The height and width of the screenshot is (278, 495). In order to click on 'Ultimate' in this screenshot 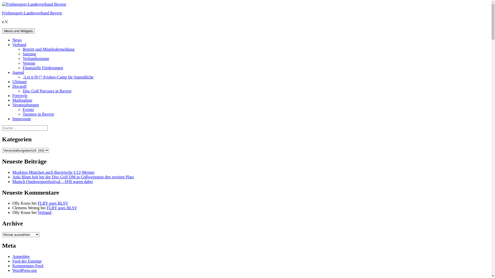, I will do `click(20, 81)`.